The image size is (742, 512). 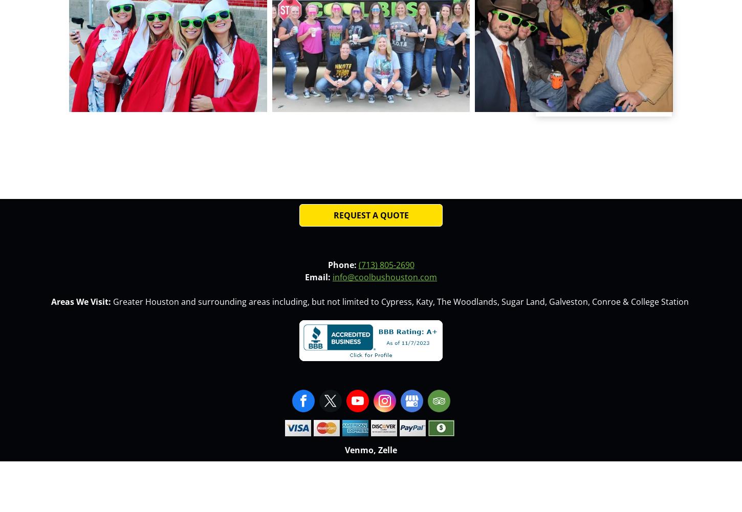 I want to click on 'info@coolbushouston.com', so click(x=384, y=276).